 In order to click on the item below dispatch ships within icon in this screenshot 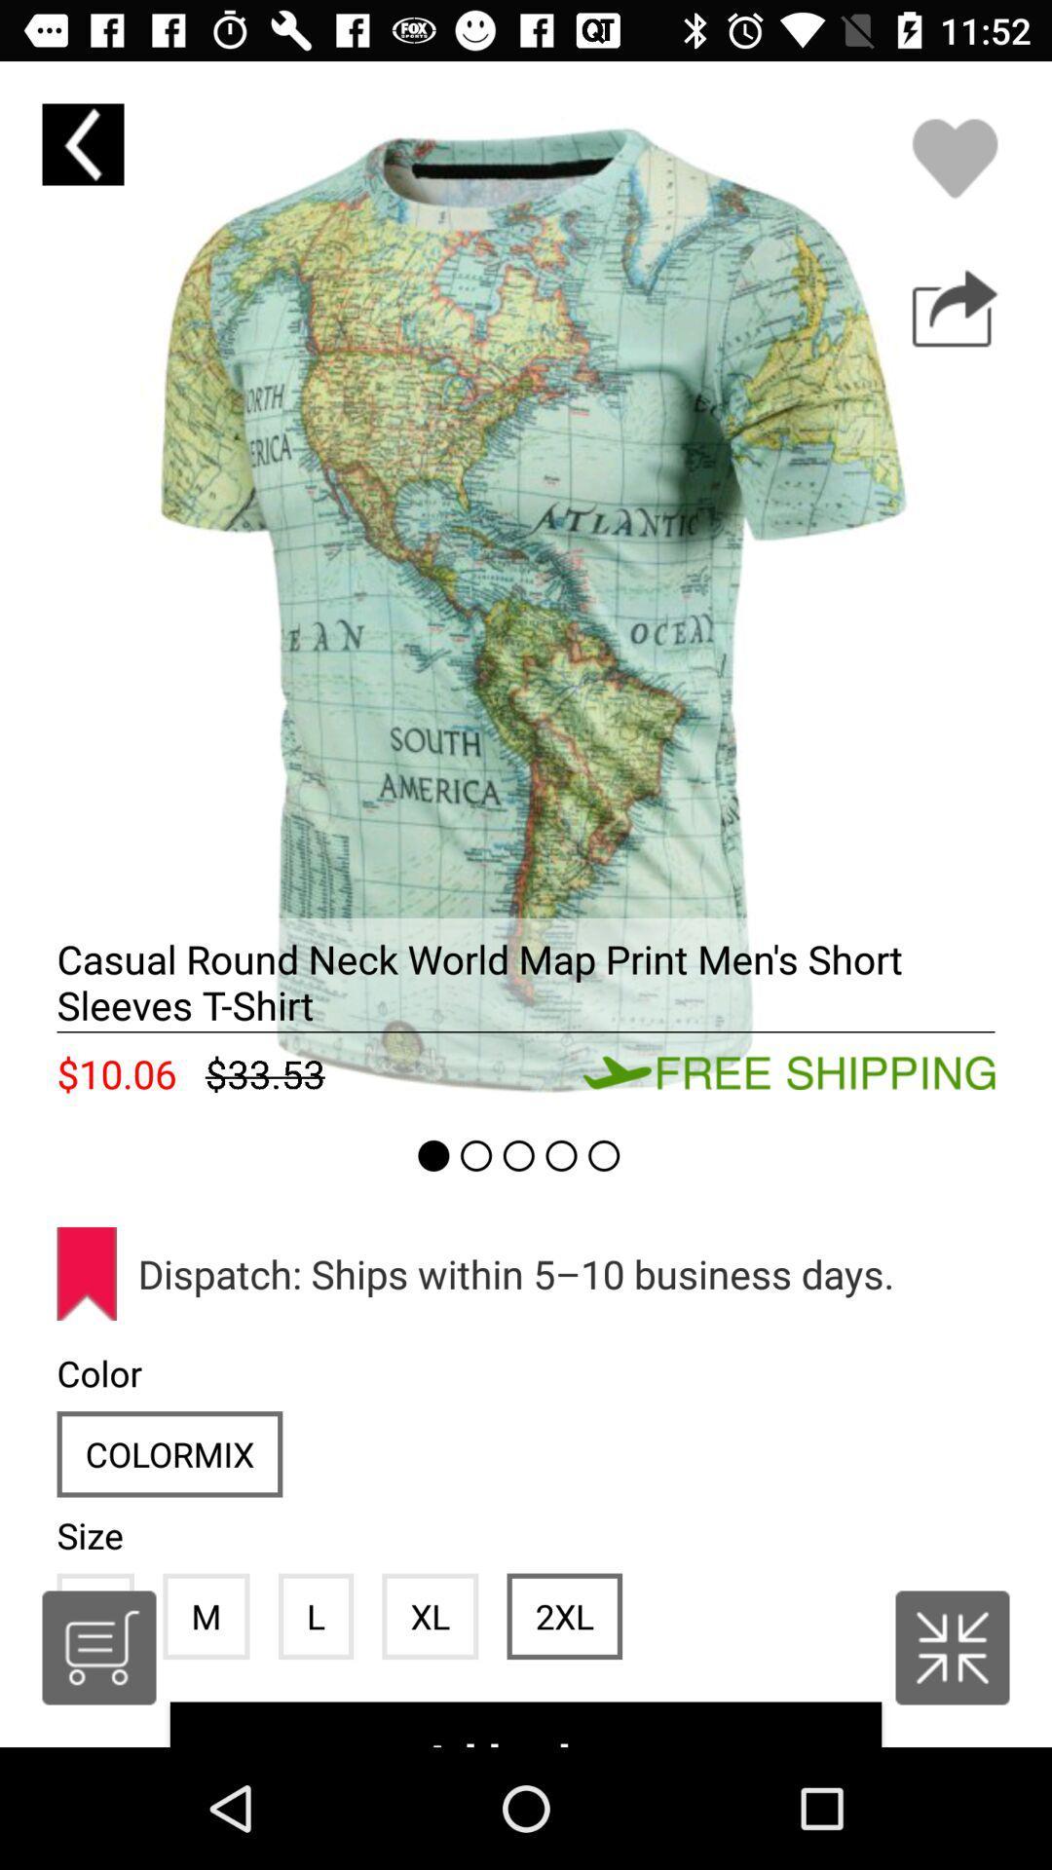, I will do `click(564, 1616)`.